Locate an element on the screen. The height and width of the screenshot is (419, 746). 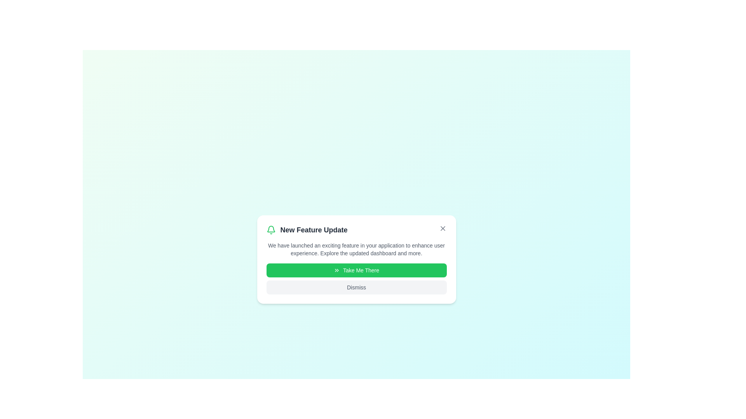
the alert icon to reveal additional information or tooltip is located at coordinates (271, 230).